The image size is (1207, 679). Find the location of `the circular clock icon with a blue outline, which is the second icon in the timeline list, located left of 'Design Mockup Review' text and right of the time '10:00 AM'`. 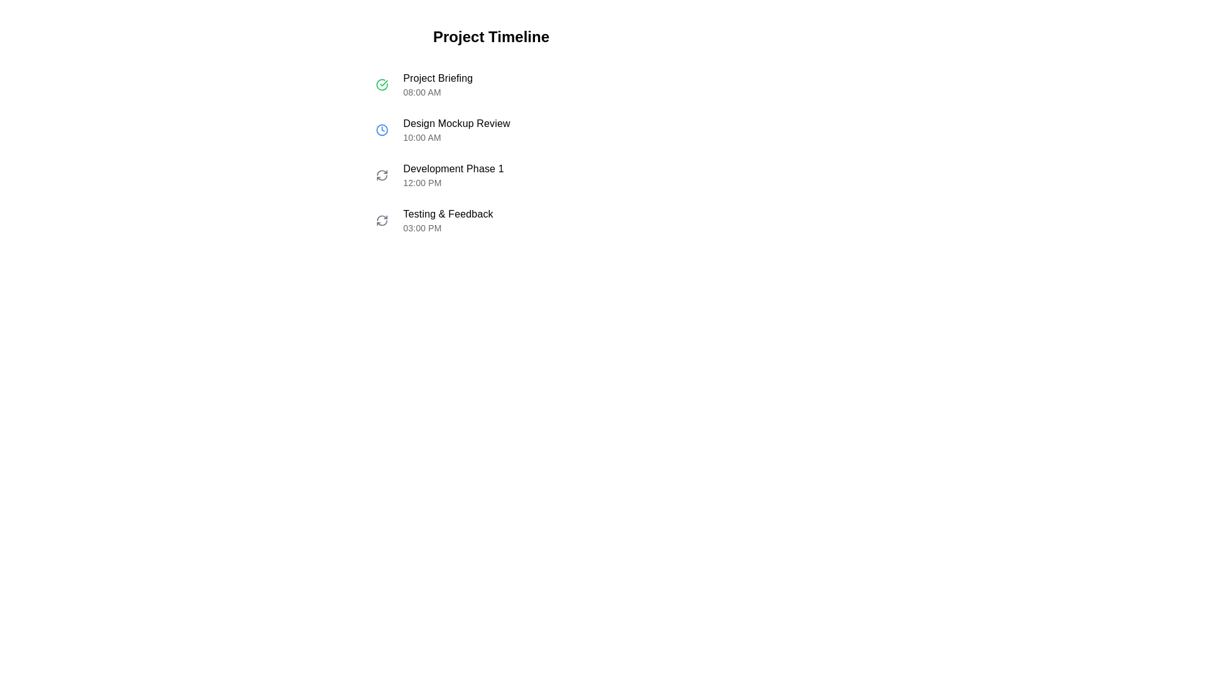

the circular clock icon with a blue outline, which is the second icon in the timeline list, located left of 'Design Mockup Review' text and right of the time '10:00 AM' is located at coordinates (381, 130).